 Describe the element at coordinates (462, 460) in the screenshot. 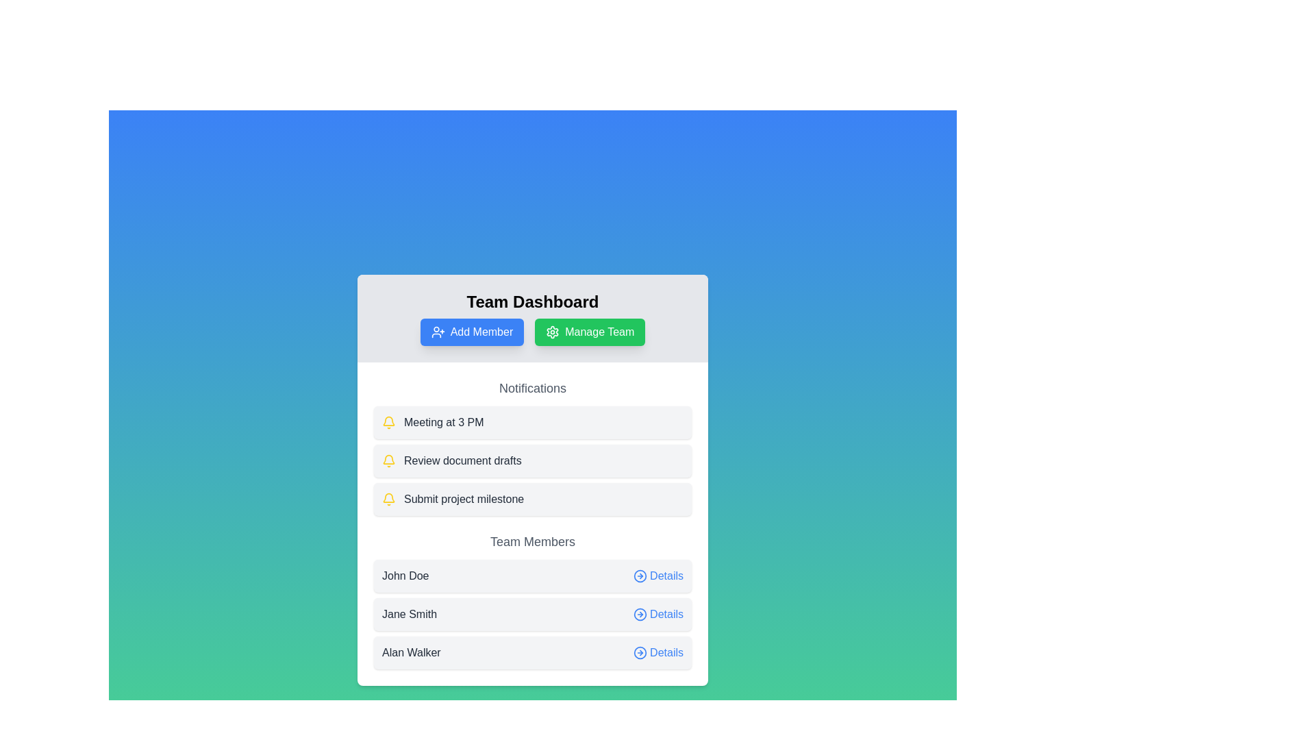

I see `the second notification text element in the notifications list, which informs users about reviewing document drafts, located in the light gray panel on the Team Dashboard` at that location.